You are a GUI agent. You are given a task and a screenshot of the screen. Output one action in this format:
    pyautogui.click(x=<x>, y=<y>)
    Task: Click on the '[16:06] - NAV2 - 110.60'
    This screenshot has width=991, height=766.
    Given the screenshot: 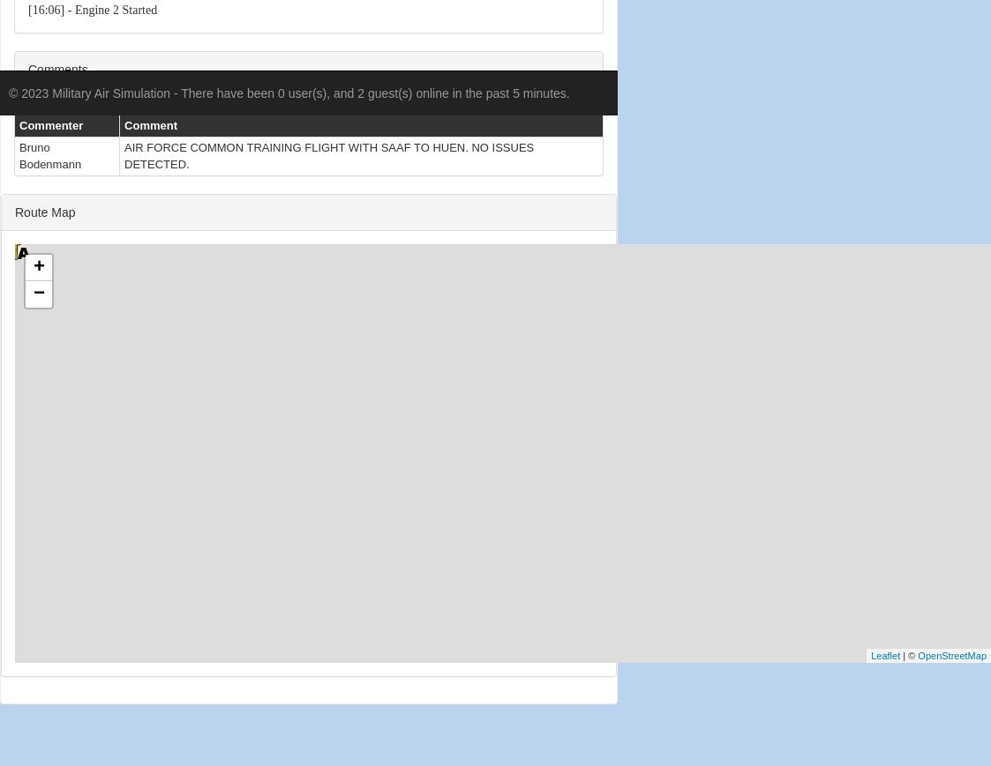 What is the action you would take?
    pyautogui.click(x=87, y=140)
    